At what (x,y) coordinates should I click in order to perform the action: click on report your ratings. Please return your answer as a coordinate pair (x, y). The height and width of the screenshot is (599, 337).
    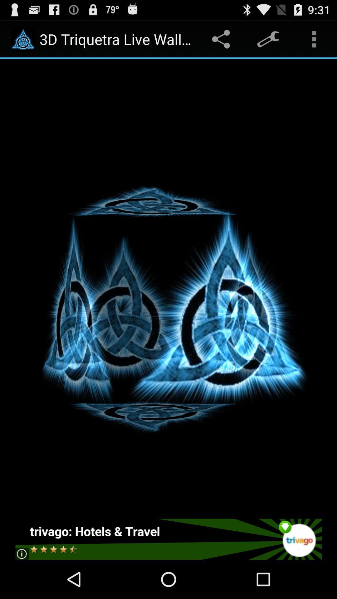
    Looking at the image, I should click on (168, 539).